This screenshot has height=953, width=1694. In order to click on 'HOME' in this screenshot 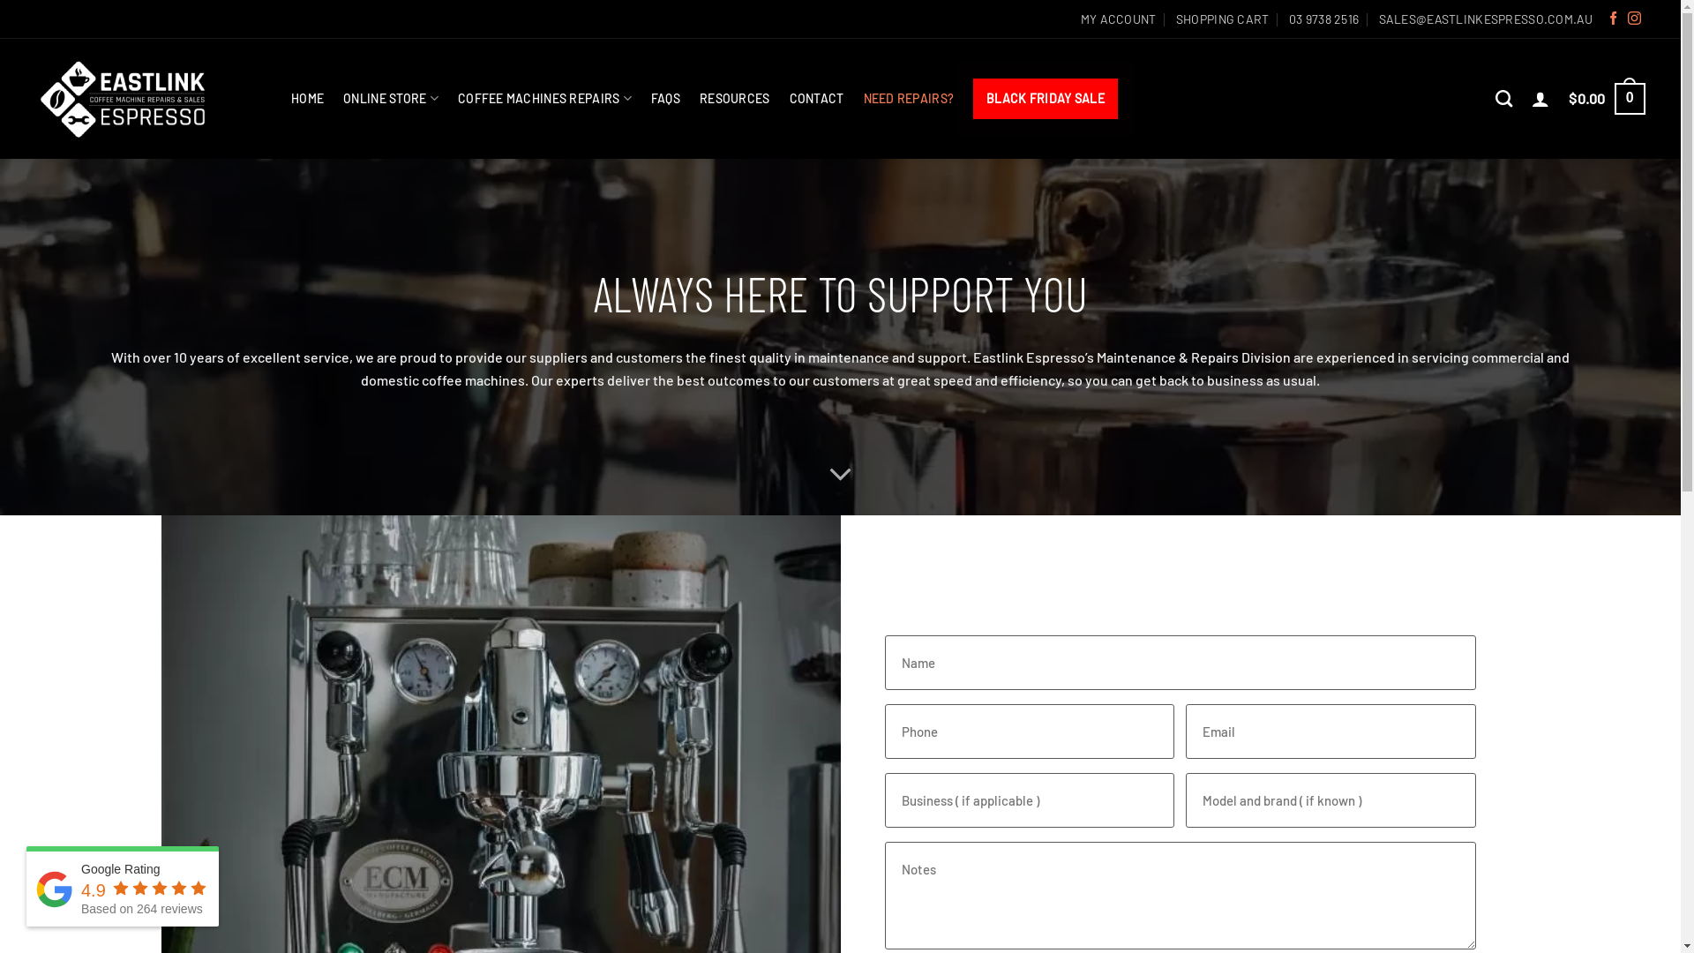, I will do `click(291, 98)`.